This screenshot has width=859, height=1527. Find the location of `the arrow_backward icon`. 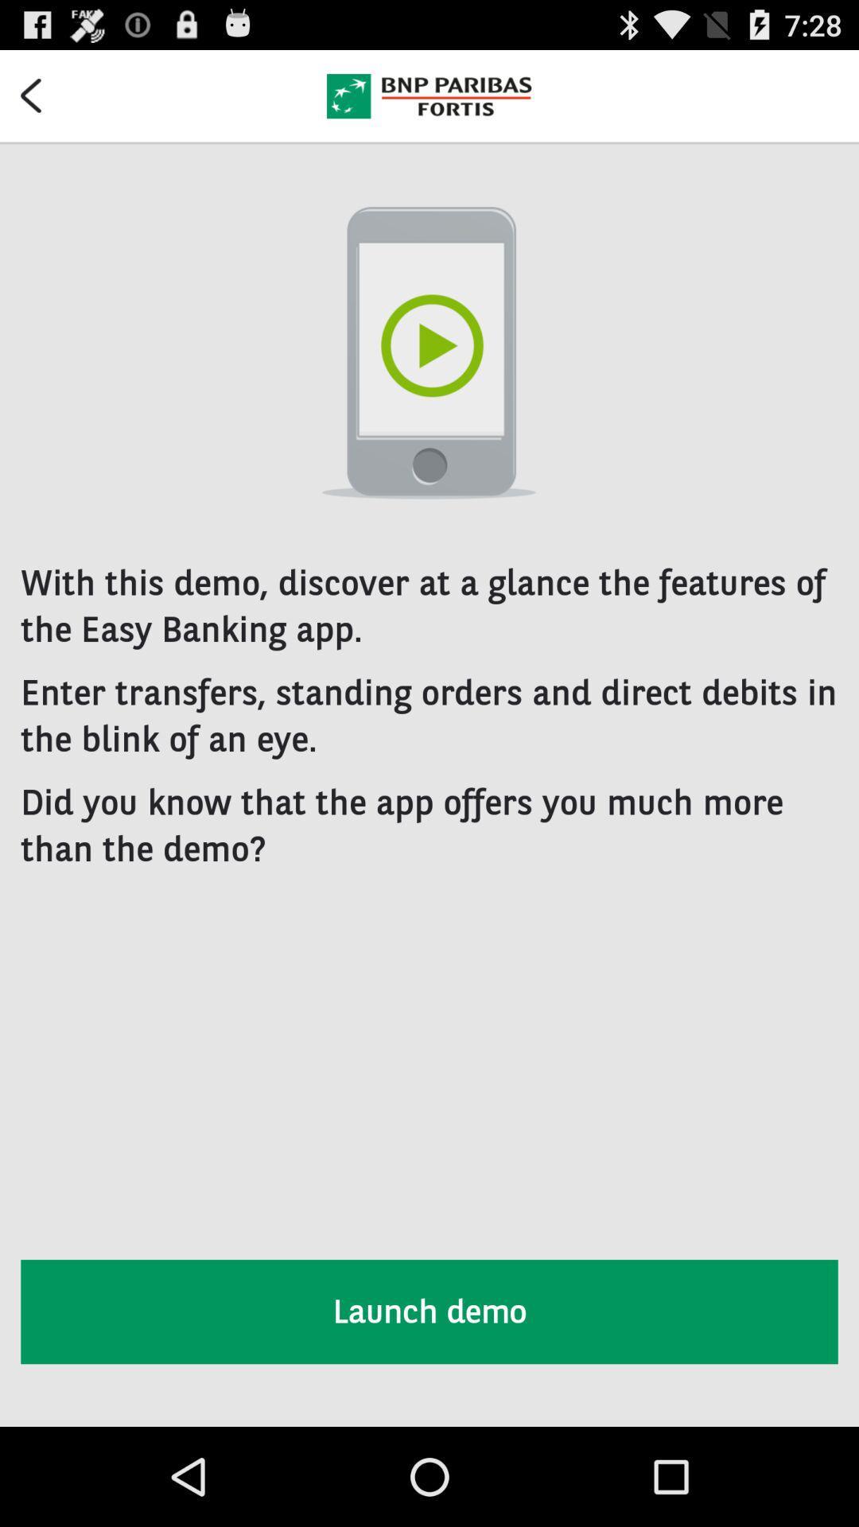

the arrow_backward icon is located at coordinates (41, 101).